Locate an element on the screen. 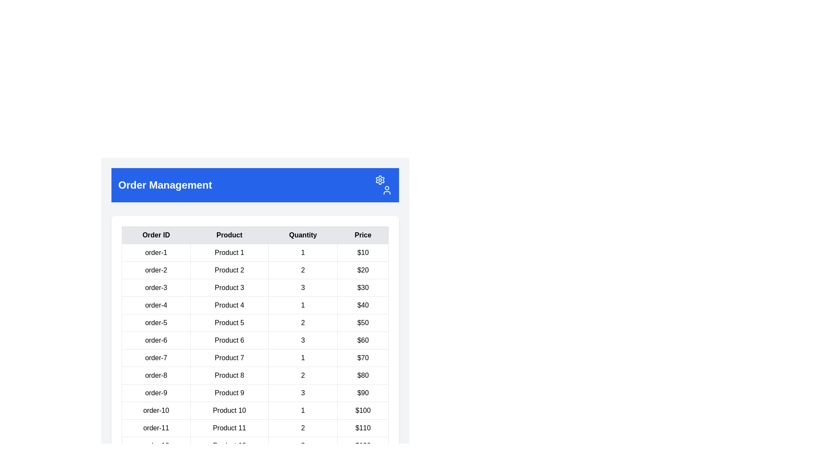  the 8th row cell in the data grid that displays 'order-8', 'Product 8', '2', and '$80' is located at coordinates (255, 375).